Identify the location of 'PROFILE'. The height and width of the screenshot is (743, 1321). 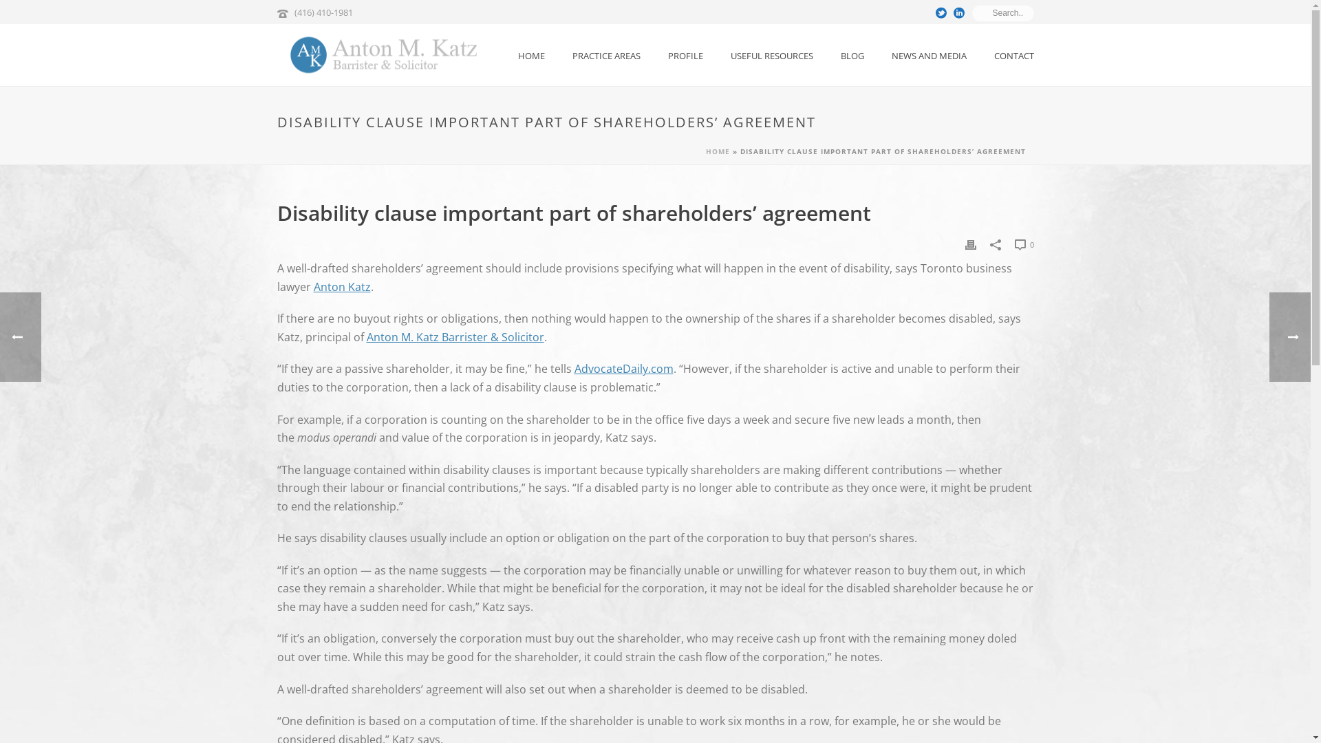
(685, 55).